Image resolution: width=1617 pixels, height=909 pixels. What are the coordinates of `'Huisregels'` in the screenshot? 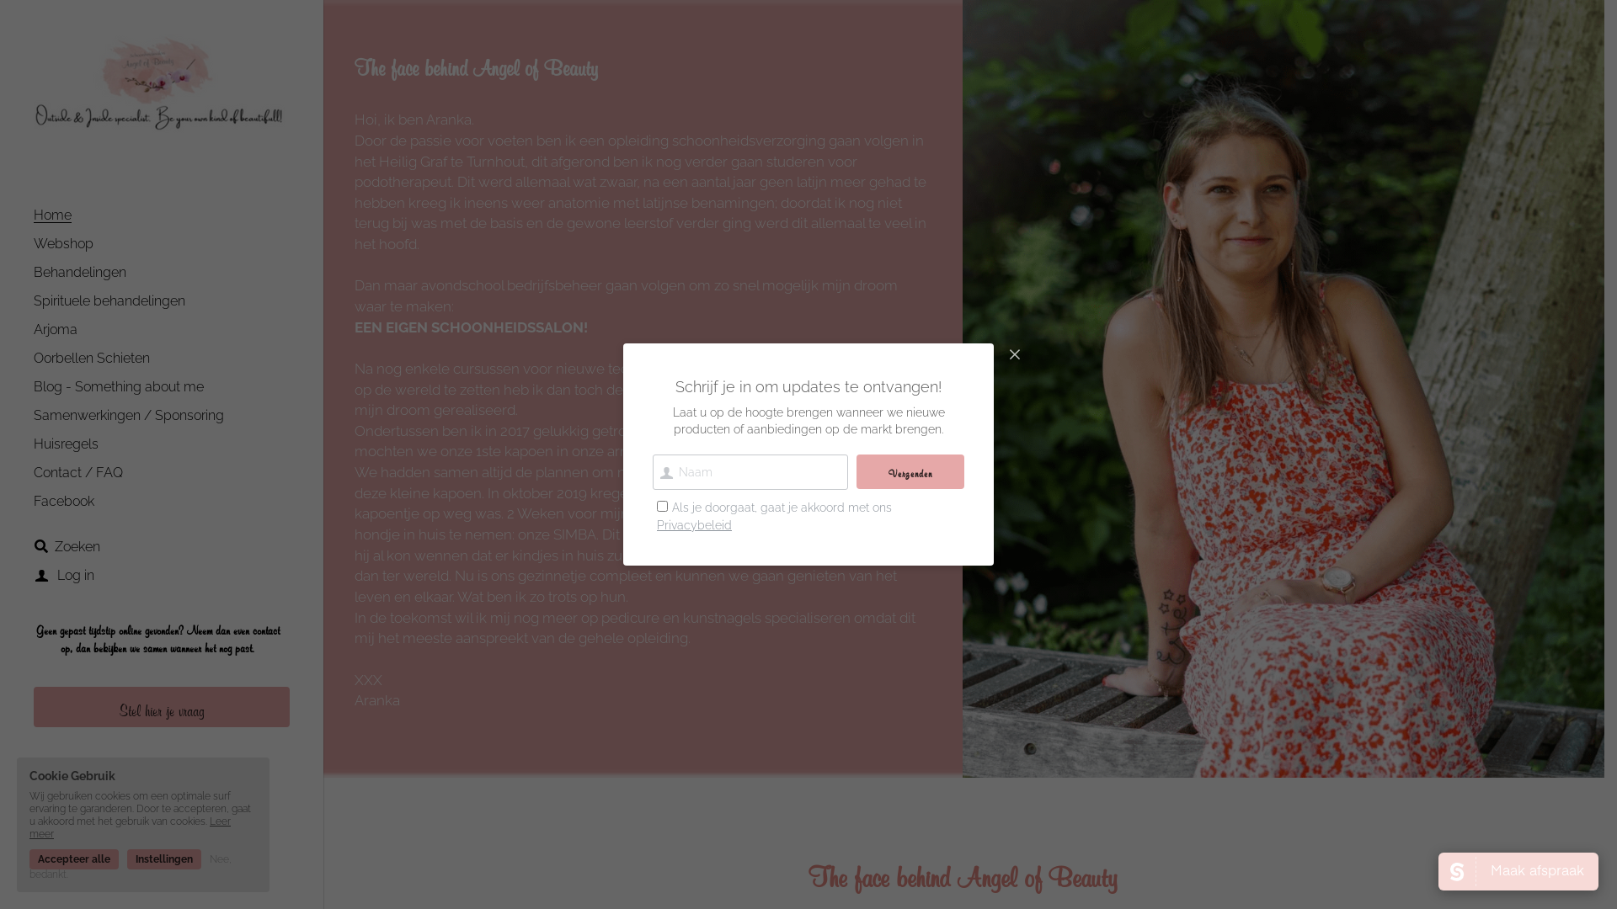 It's located at (66, 443).